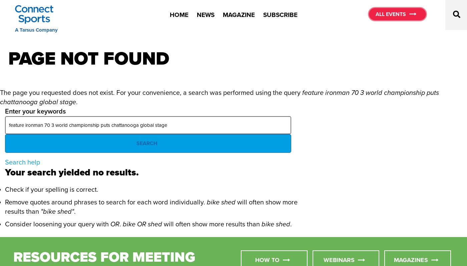  I want to click on 'Magazine', so click(238, 14).